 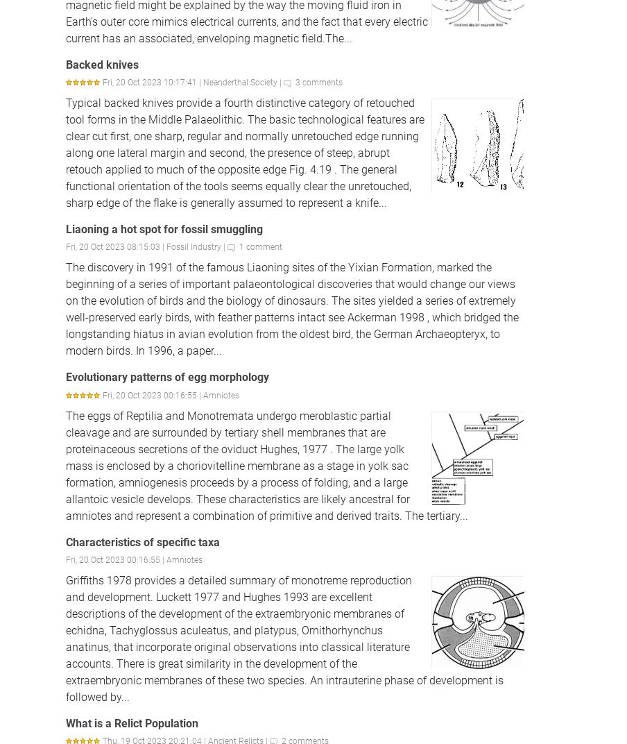 I want to click on 'Fossil Industry', so click(x=193, y=247).